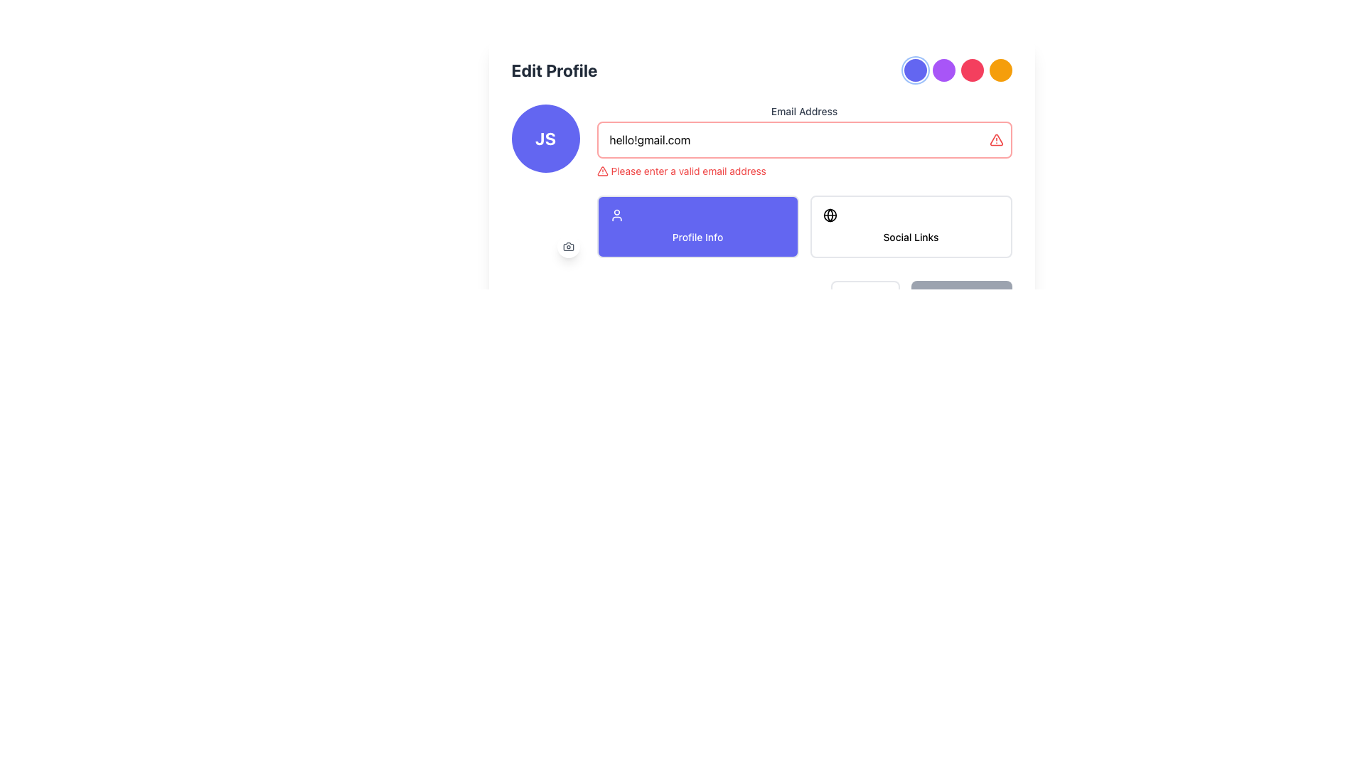 This screenshot has width=1365, height=768. I want to click on error message displayed below the email input field, which informs users about an invalid email address entry, so click(804, 170).